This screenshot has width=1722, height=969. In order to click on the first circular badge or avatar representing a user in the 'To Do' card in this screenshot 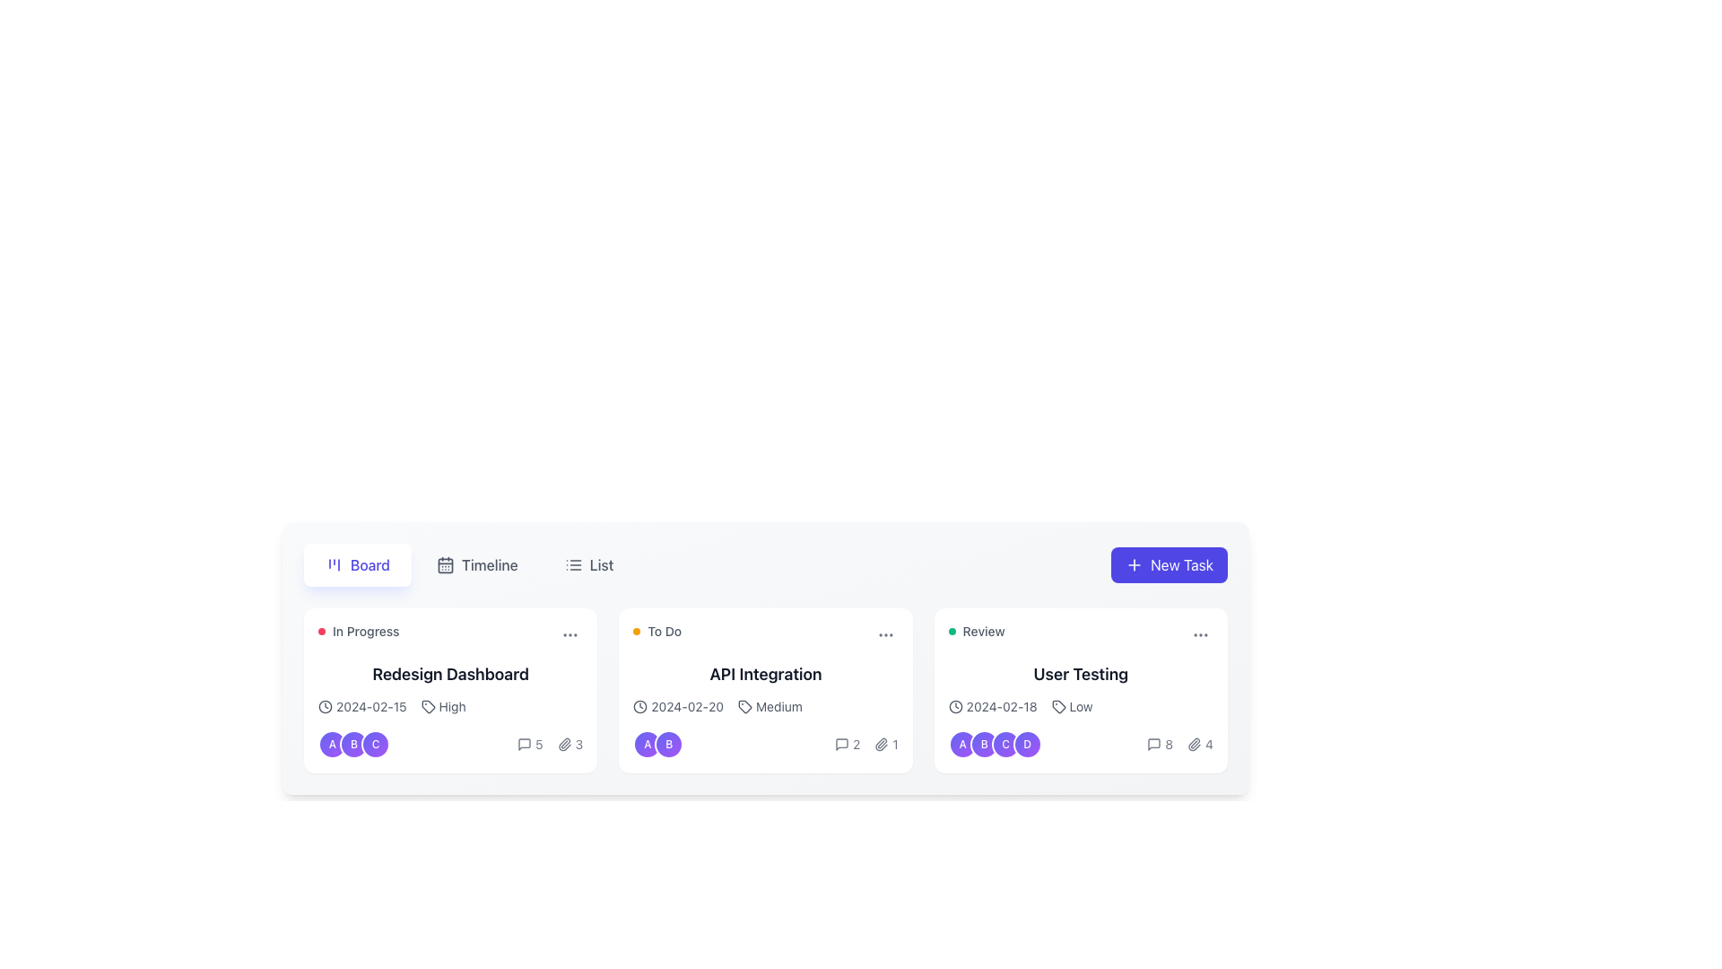, I will do `click(647, 744)`.